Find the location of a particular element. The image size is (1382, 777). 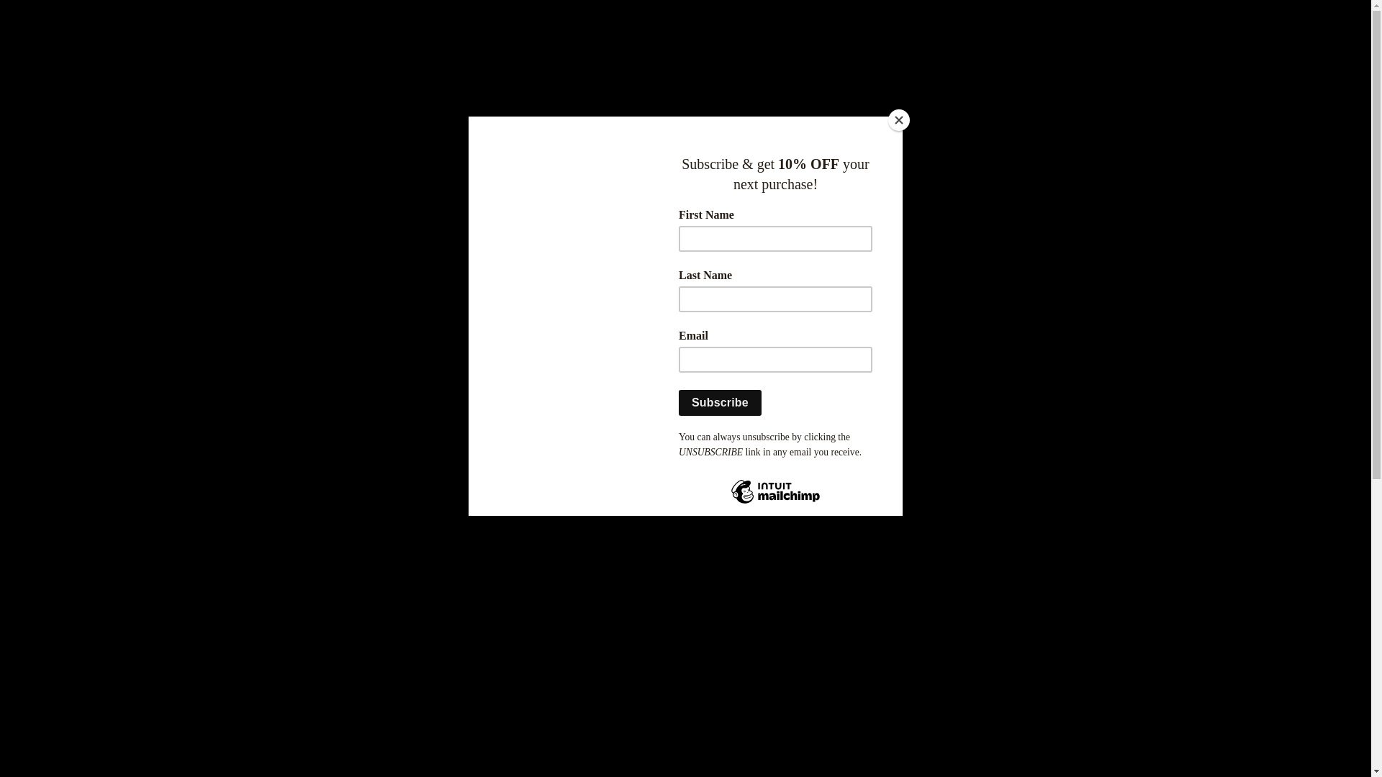

'SALE' is located at coordinates (462, 298).